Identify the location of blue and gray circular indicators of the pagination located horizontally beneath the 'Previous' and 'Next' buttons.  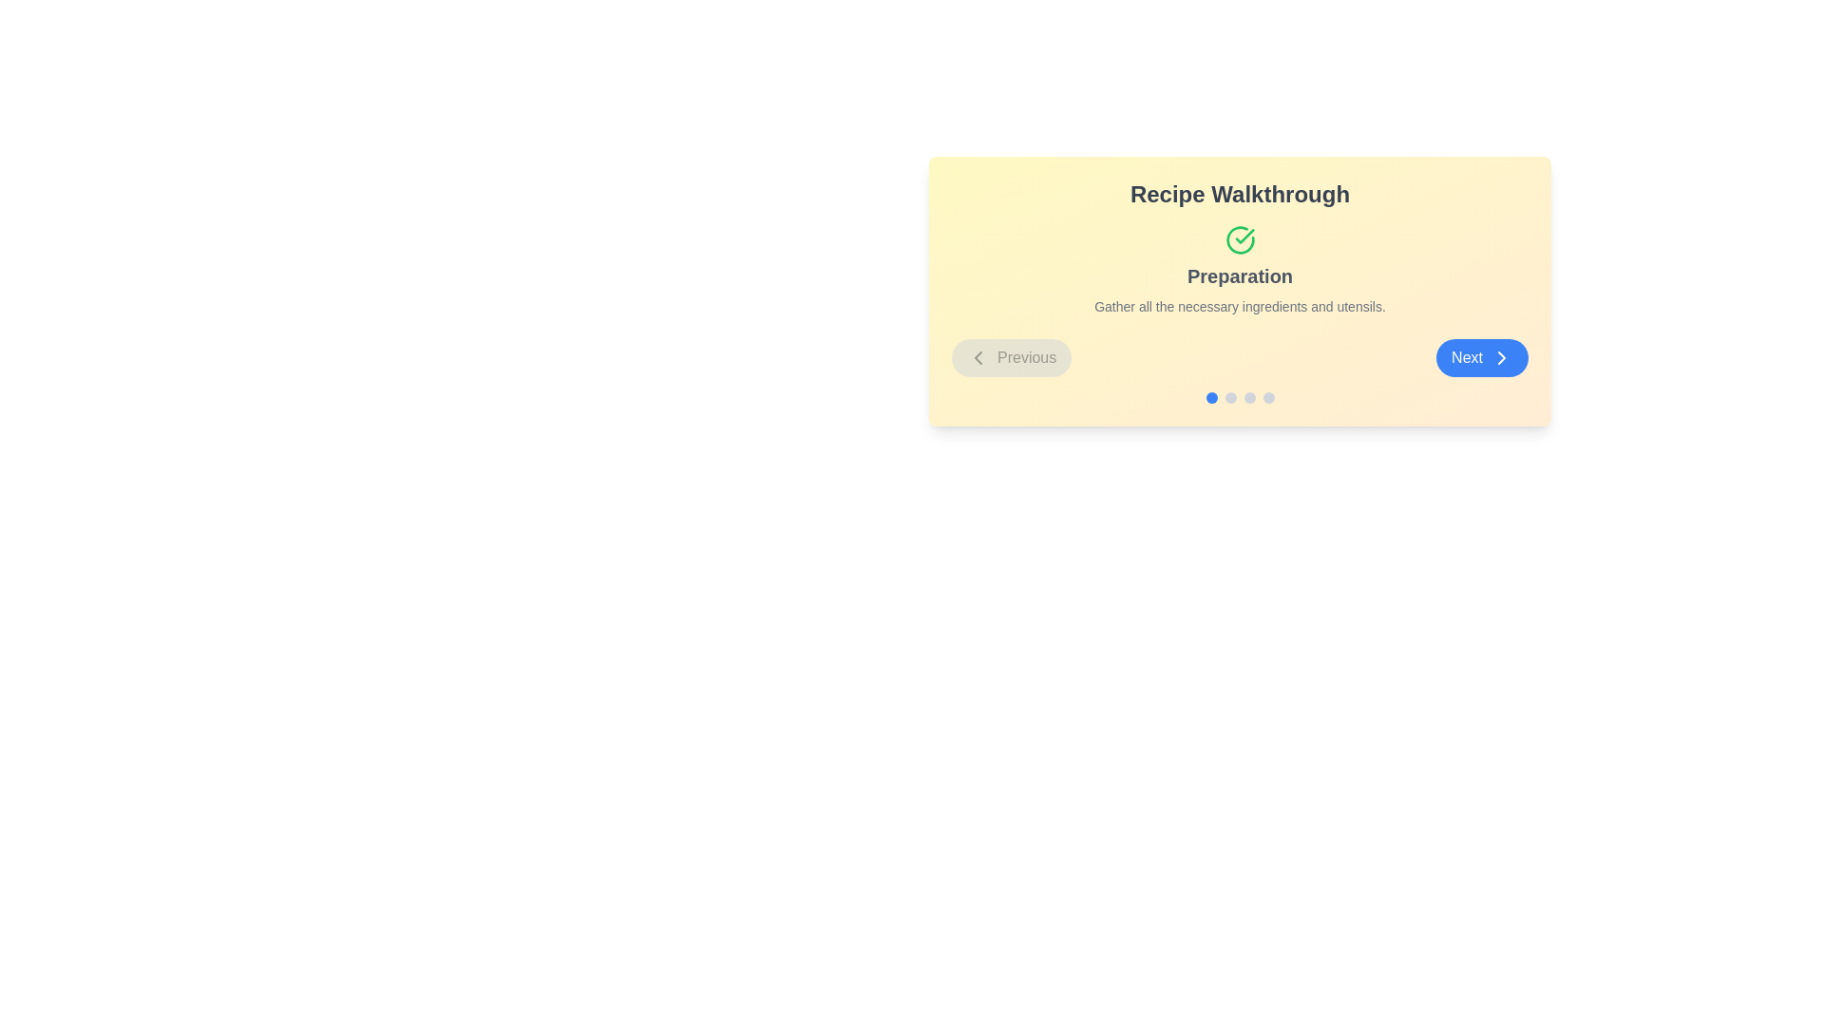
(1240, 397).